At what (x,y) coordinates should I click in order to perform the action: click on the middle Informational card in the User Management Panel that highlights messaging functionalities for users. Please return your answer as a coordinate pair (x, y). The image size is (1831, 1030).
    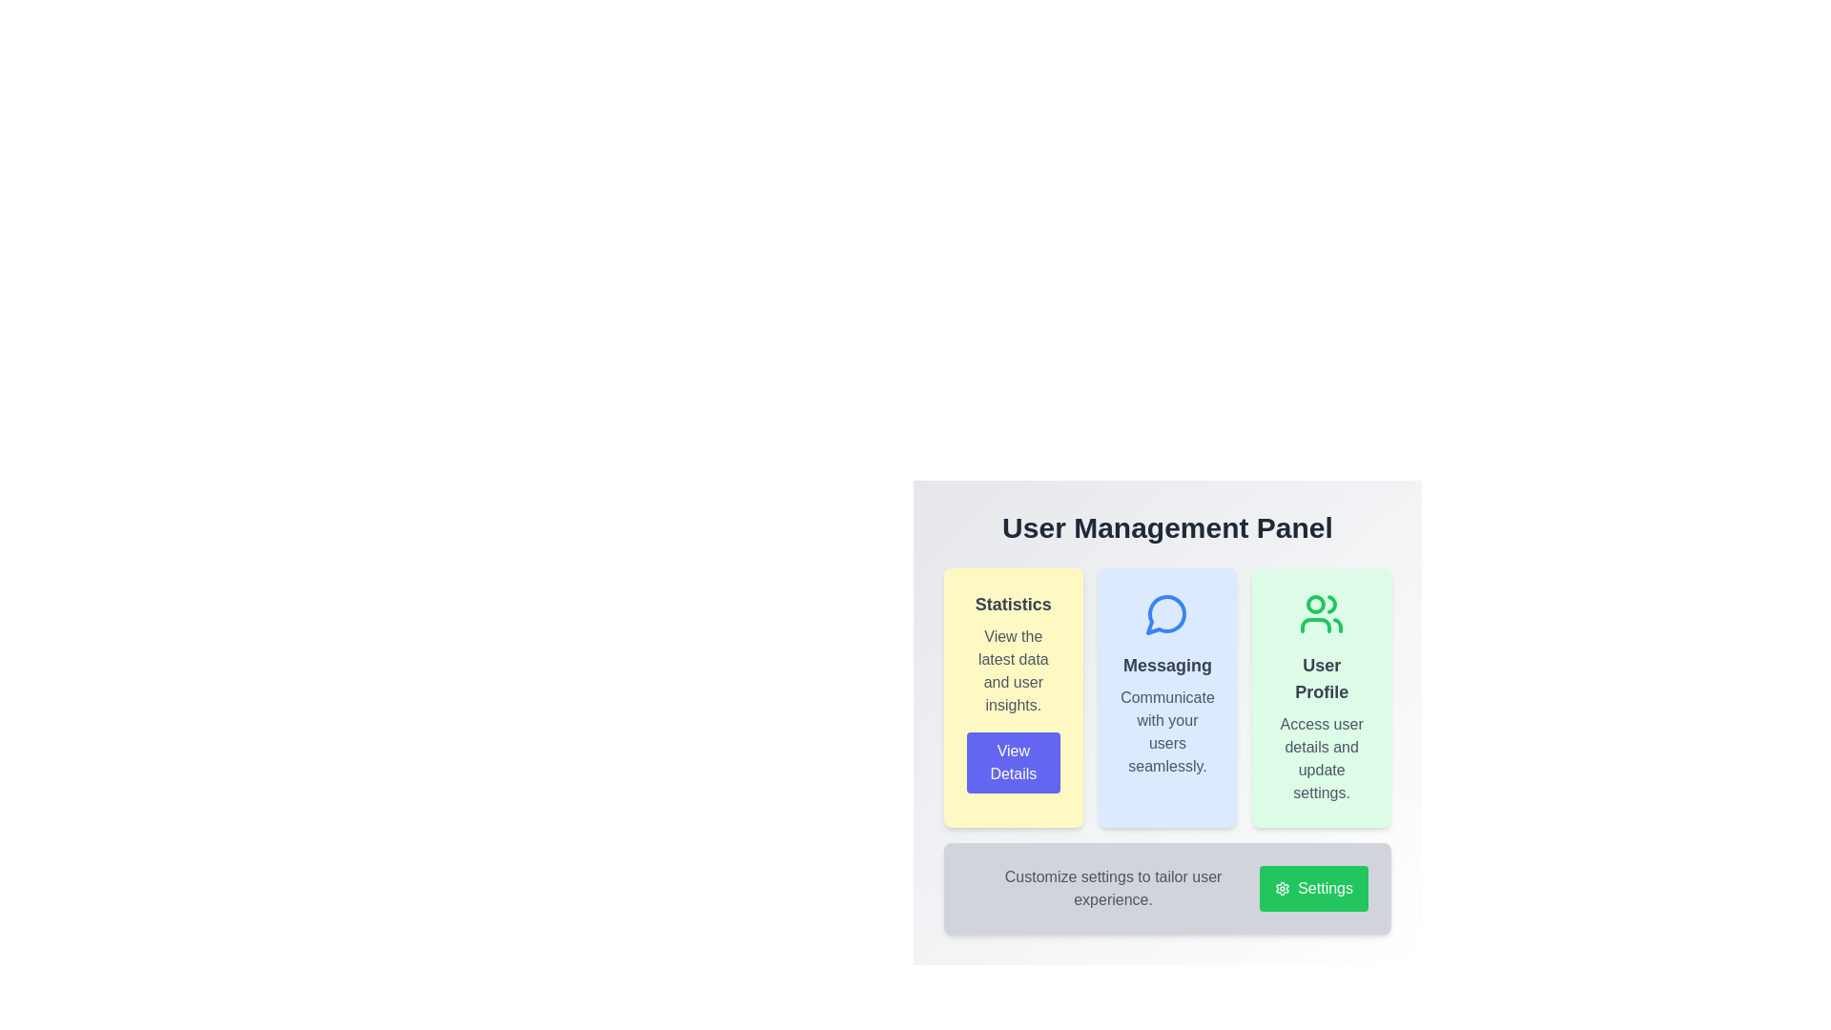
    Looking at the image, I should click on (1166, 698).